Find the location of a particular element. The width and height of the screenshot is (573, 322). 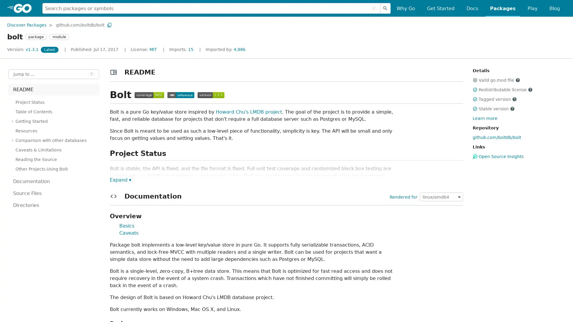

Open Jump to Identifier is located at coordinates (54, 74).